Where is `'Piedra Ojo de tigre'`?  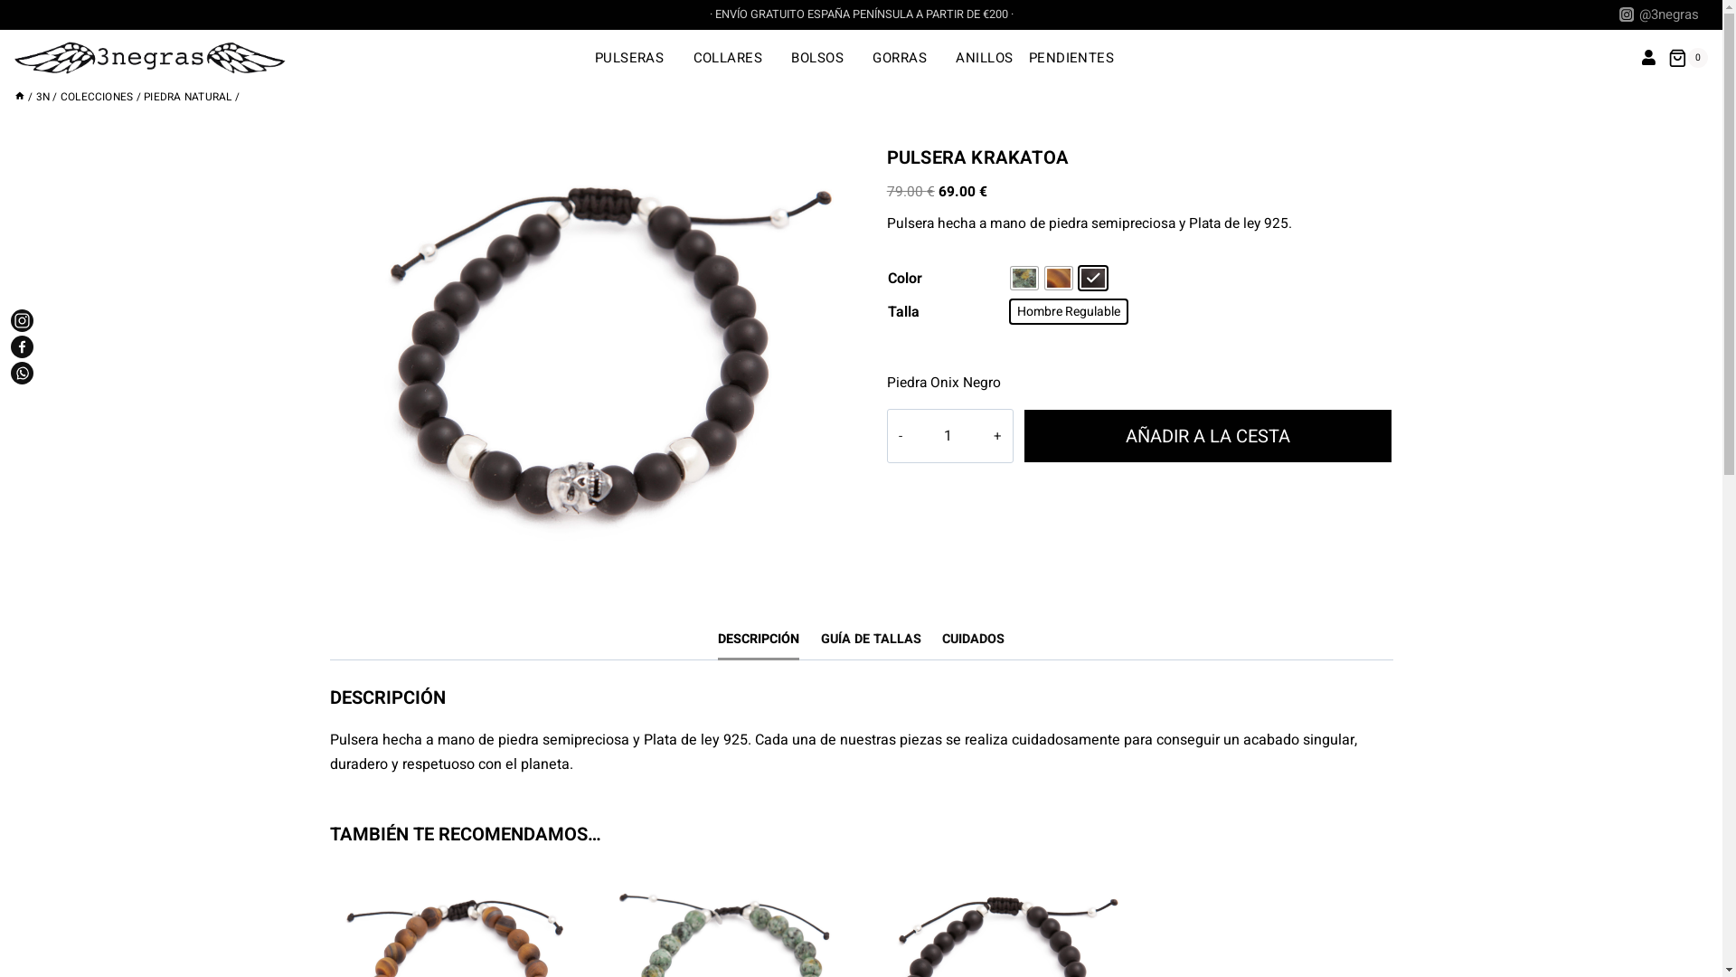 'Piedra Ojo de tigre' is located at coordinates (1045, 278).